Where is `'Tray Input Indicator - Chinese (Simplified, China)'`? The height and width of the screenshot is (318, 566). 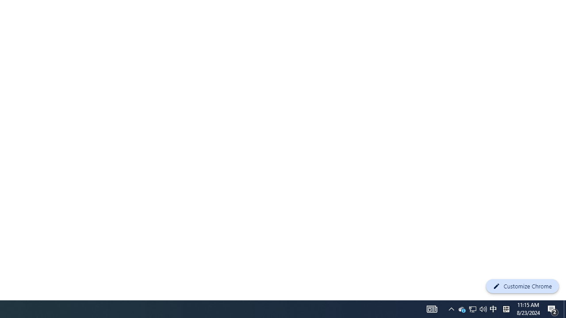 'Tray Input Indicator - Chinese (Simplified, China)' is located at coordinates (472, 308).